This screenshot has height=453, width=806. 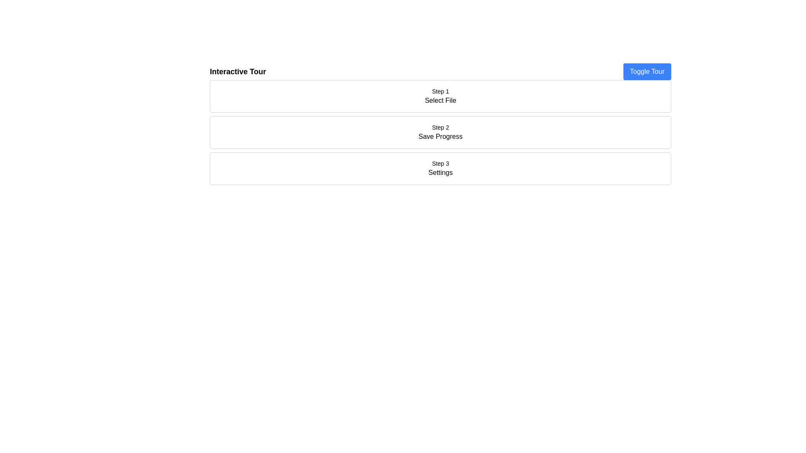 What do you see at coordinates (440, 132) in the screenshot?
I see `the second step indicator which provides information about saving progress in the sequence of steps` at bounding box center [440, 132].